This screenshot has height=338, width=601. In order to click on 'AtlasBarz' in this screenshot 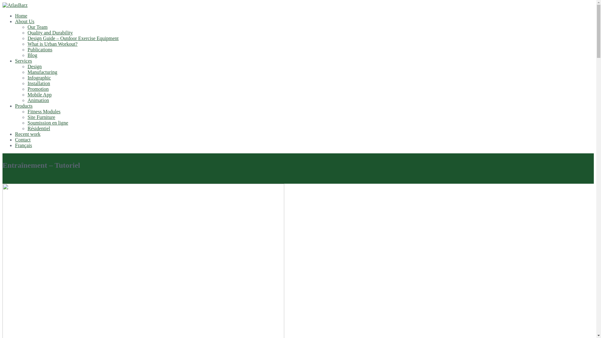, I will do `click(15, 5)`.